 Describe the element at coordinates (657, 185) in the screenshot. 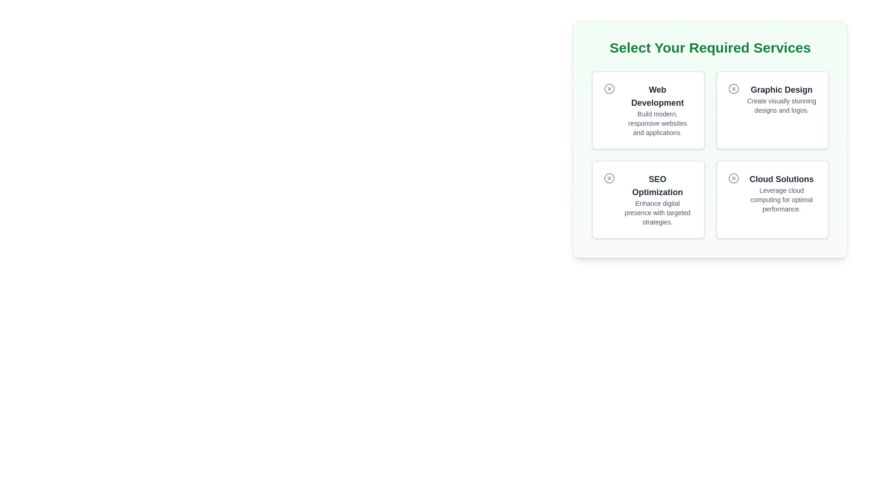

I see `text heading labeled 'SEO Optimization' located in the bottom-left cell of the grid layout` at that location.